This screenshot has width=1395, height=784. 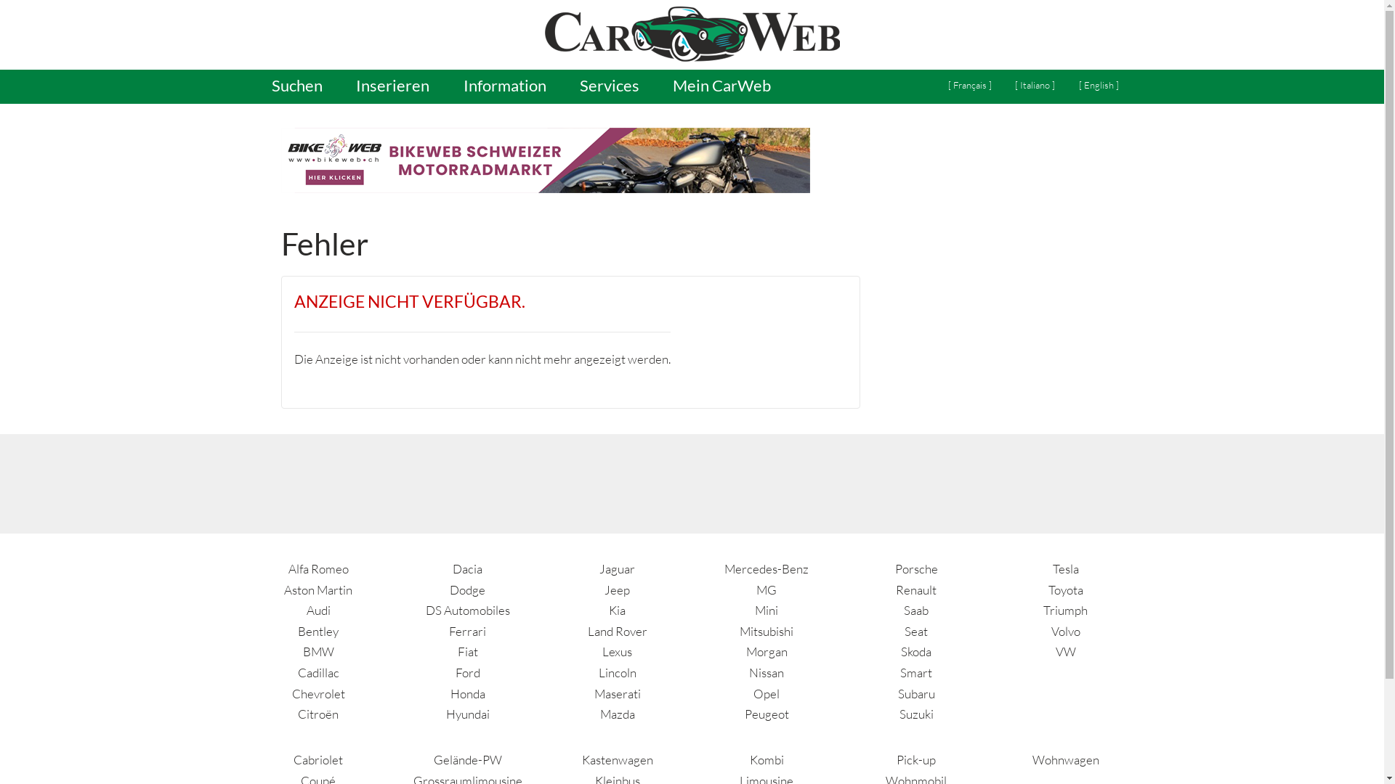 I want to click on 'Lexus', so click(x=617, y=650).